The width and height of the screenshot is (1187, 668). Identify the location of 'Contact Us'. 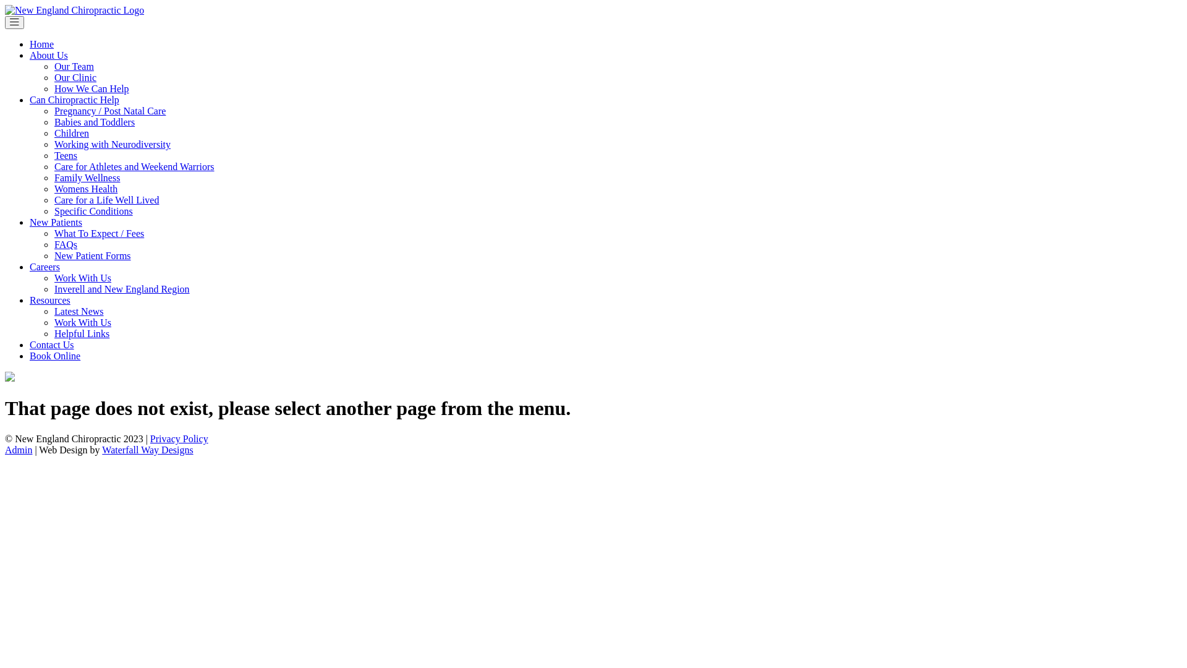
(30, 345).